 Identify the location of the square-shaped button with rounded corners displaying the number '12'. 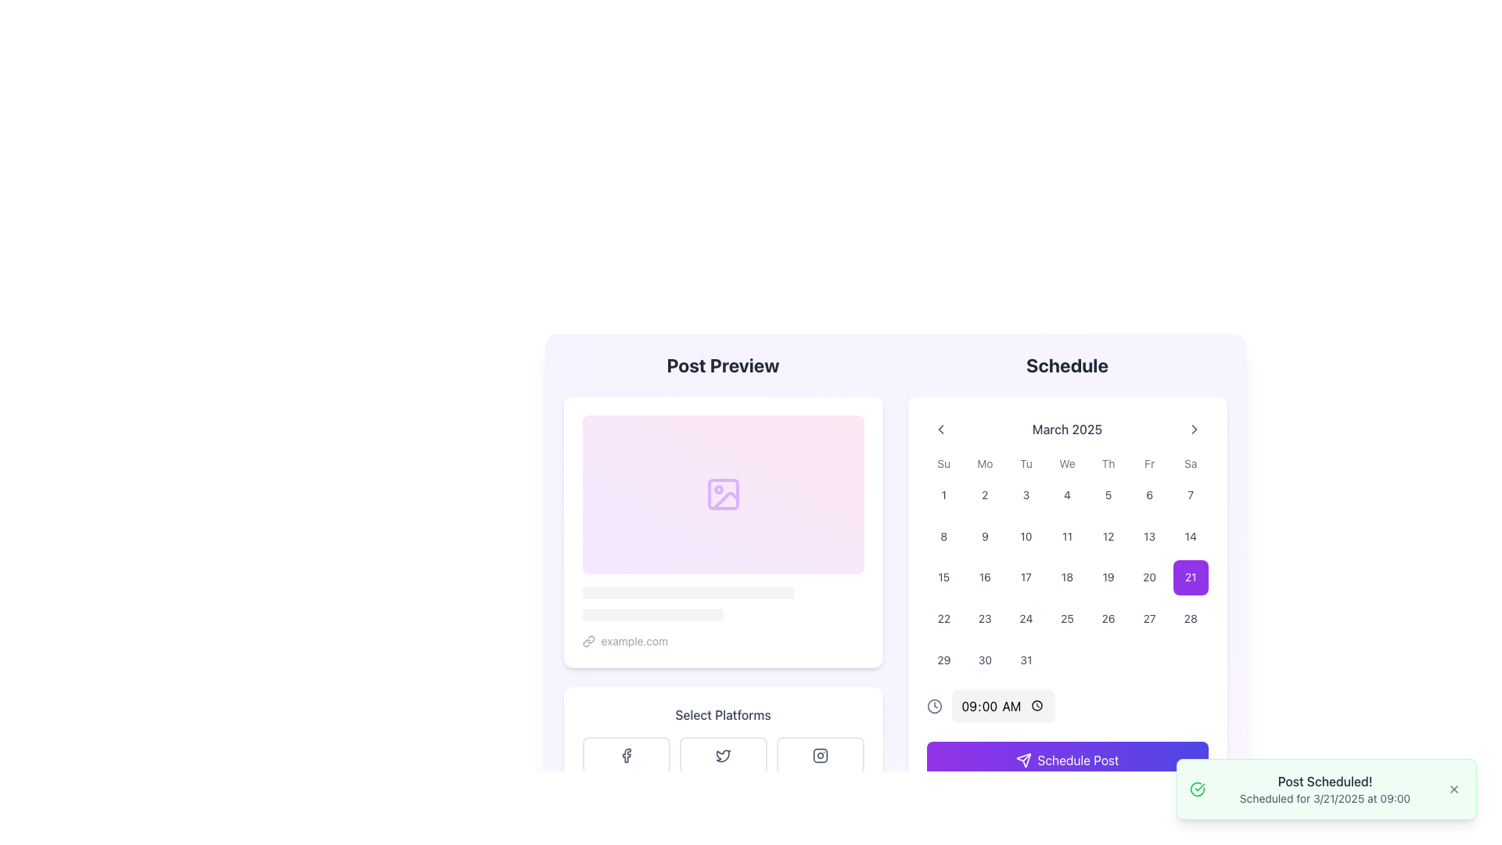
(1108, 535).